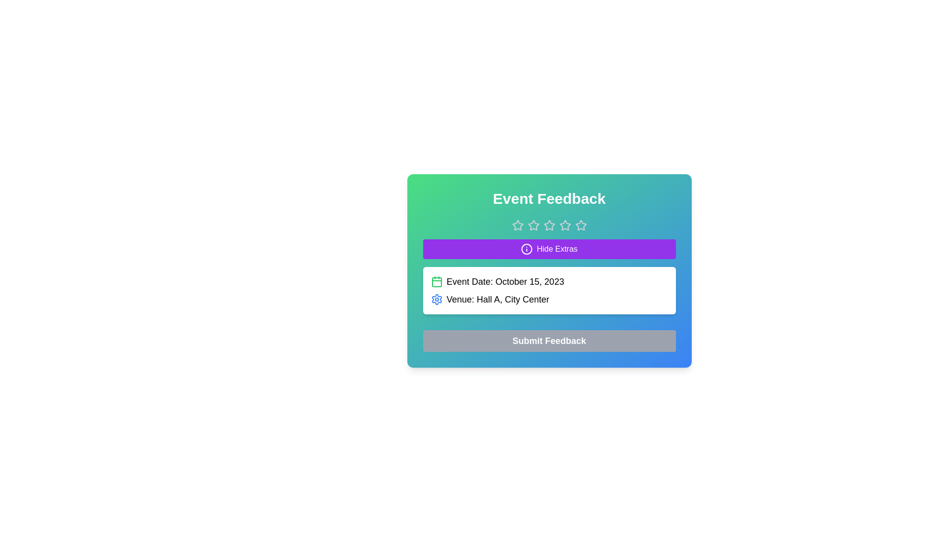 Image resolution: width=948 pixels, height=533 pixels. What do you see at coordinates (549, 249) in the screenshot?
I see `the 'Hide Extras' button to toggle the visibility of extra event details` at bounding box center [549, 249].